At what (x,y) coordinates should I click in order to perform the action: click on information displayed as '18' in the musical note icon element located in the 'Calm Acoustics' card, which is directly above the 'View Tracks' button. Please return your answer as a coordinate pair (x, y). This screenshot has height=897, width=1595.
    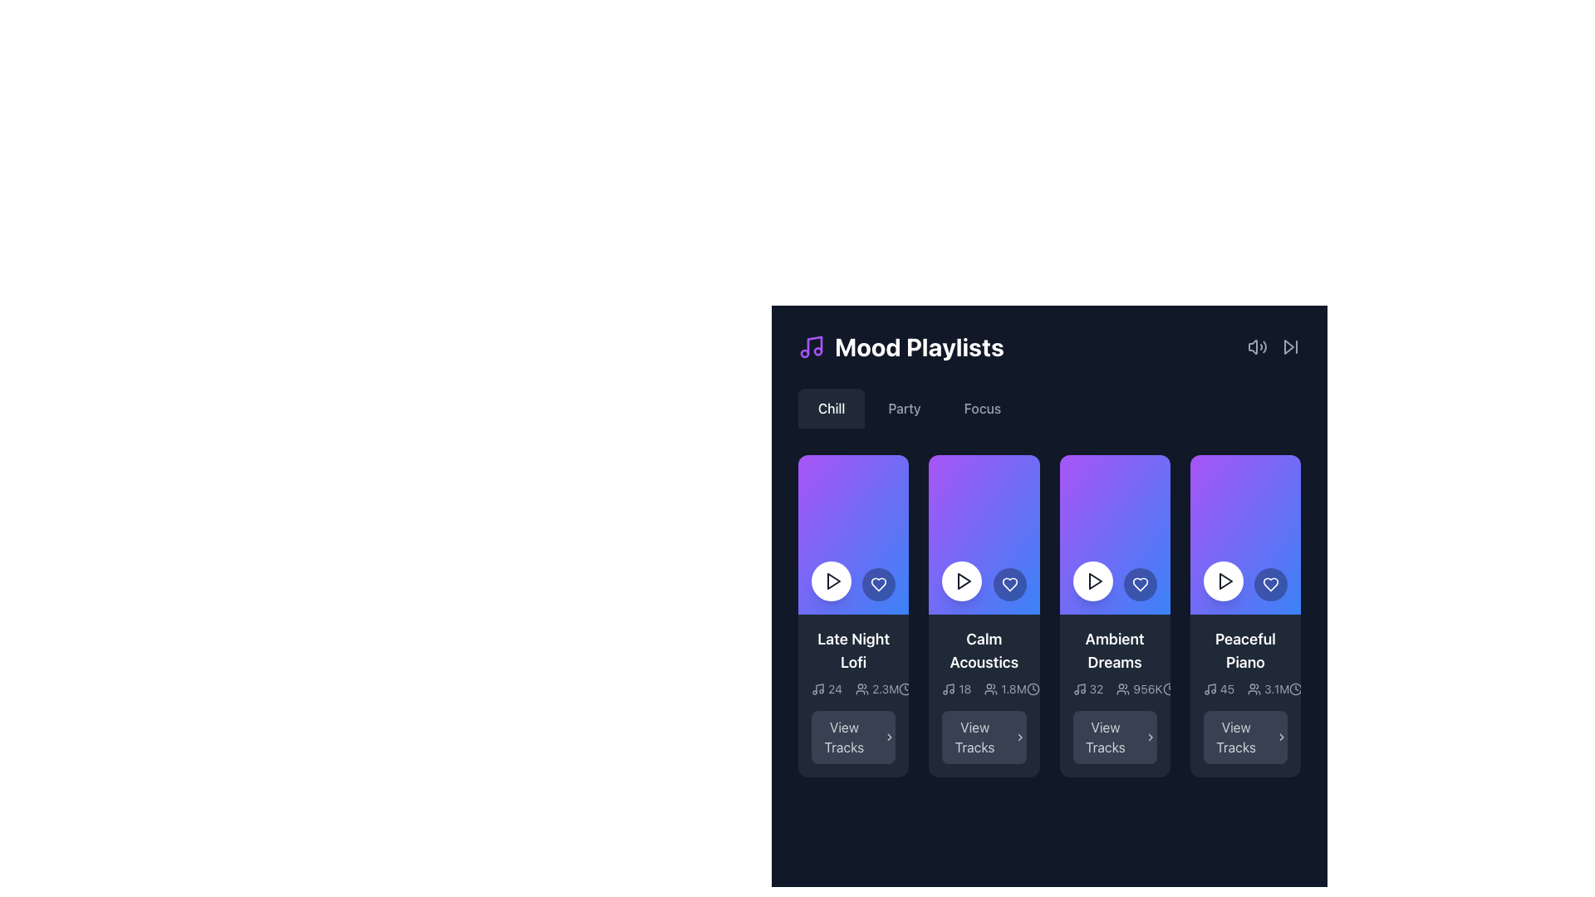
    Looking at the image, I should click on (956, 689).